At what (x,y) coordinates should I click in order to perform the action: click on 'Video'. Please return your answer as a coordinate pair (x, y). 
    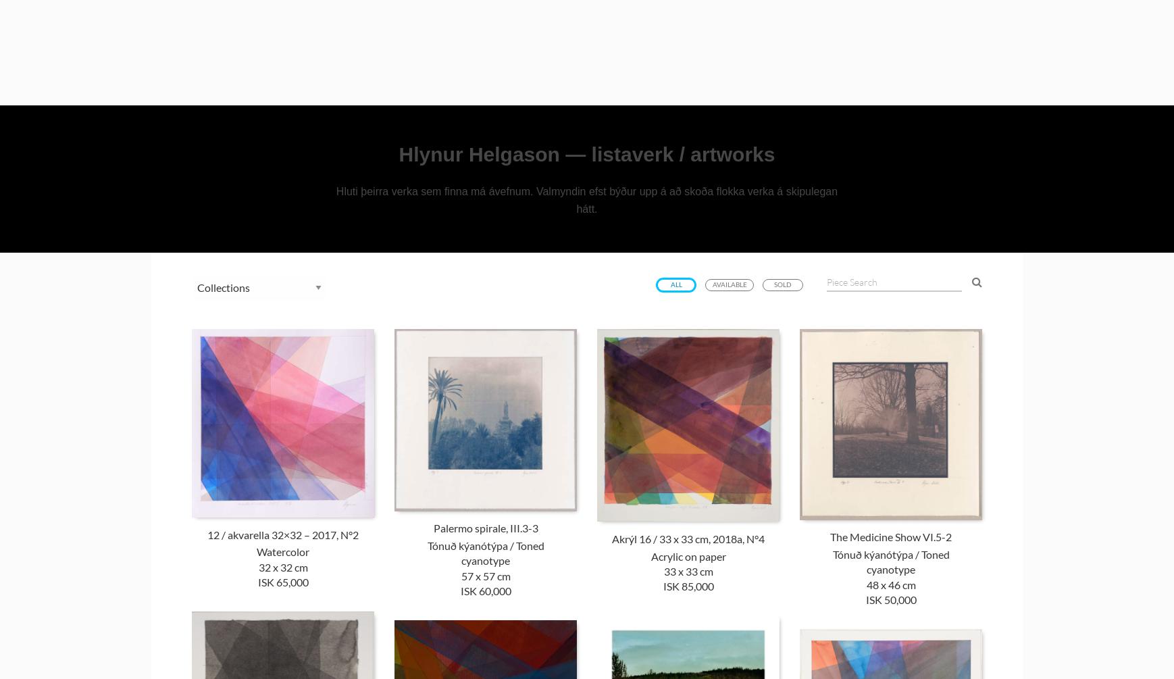
    Looking at the image, I should click on (818, 70).